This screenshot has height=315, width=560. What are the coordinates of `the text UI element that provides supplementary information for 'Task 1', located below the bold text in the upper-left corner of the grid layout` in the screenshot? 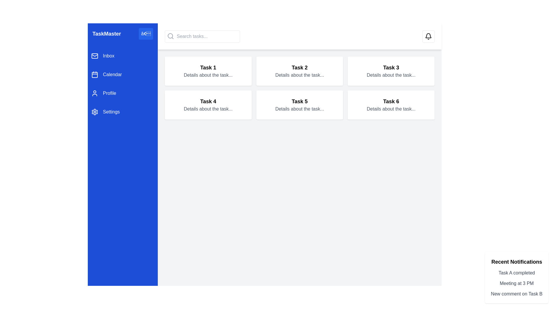 It's located at (208, 75).